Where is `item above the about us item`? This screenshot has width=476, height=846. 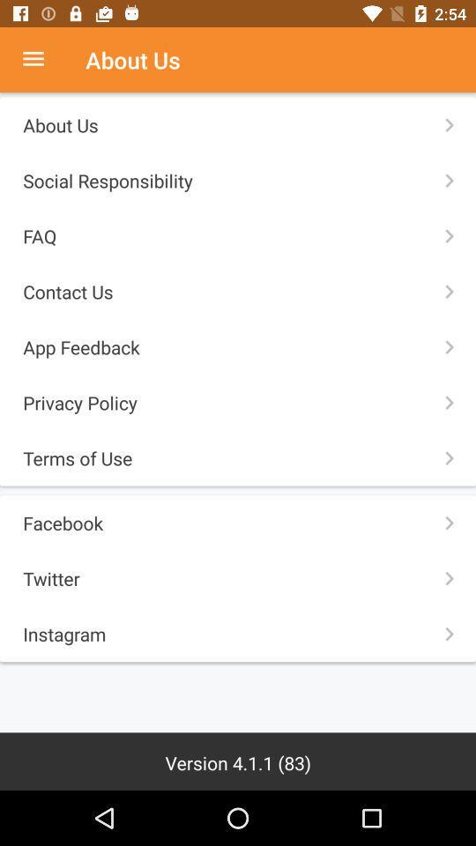 item above the about us item is located at coordinates (42, 60).